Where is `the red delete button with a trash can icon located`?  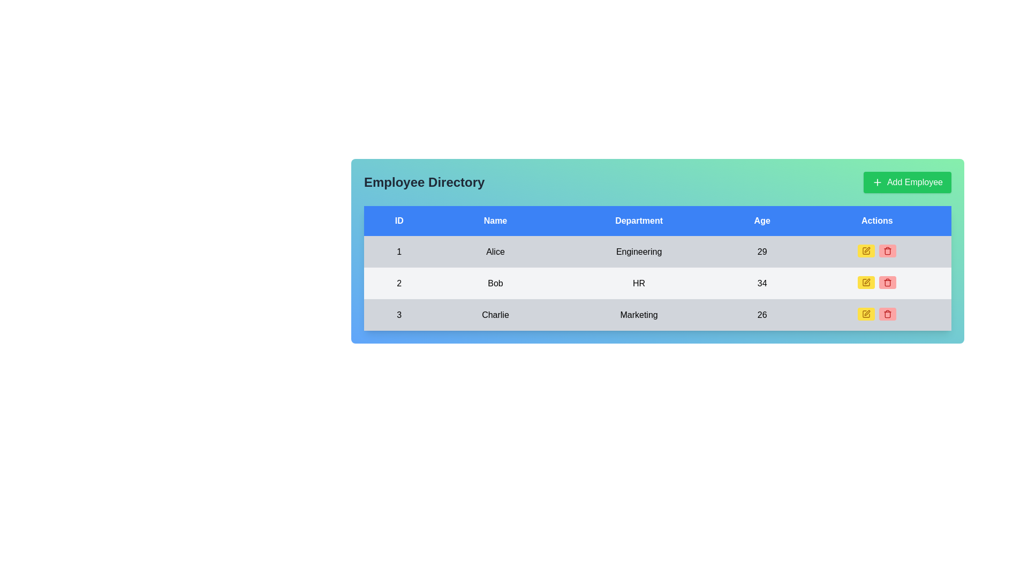
the red delete button with a trash can icon located is located at coordinates (887, 313).